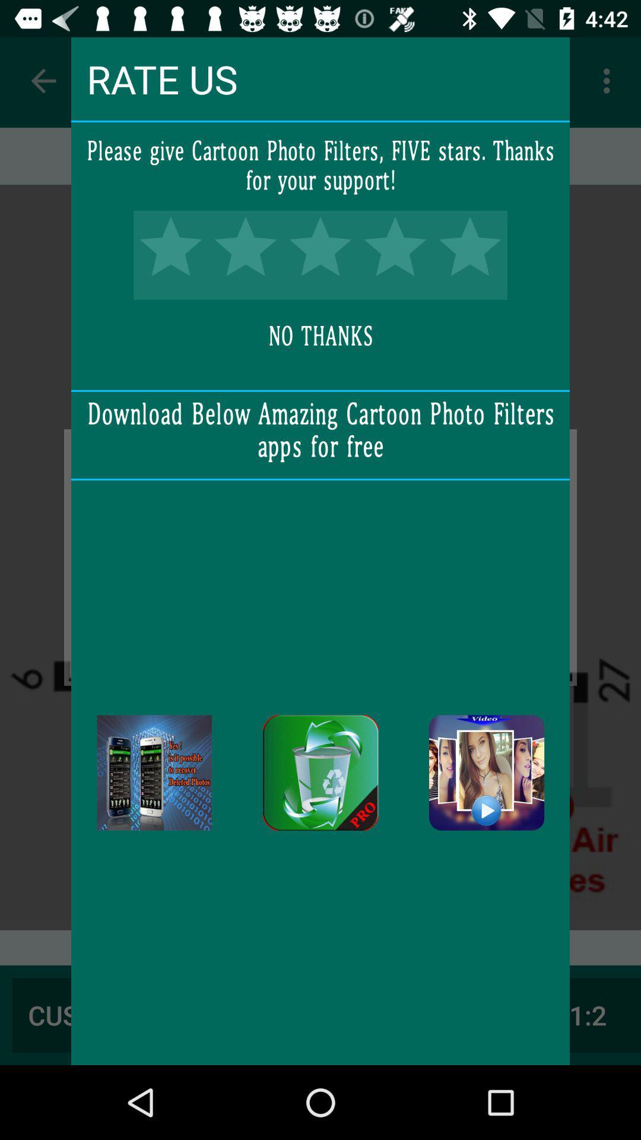  Describe the element at coordinates (154, 772) in the screenshot. I see `download app` at that location.